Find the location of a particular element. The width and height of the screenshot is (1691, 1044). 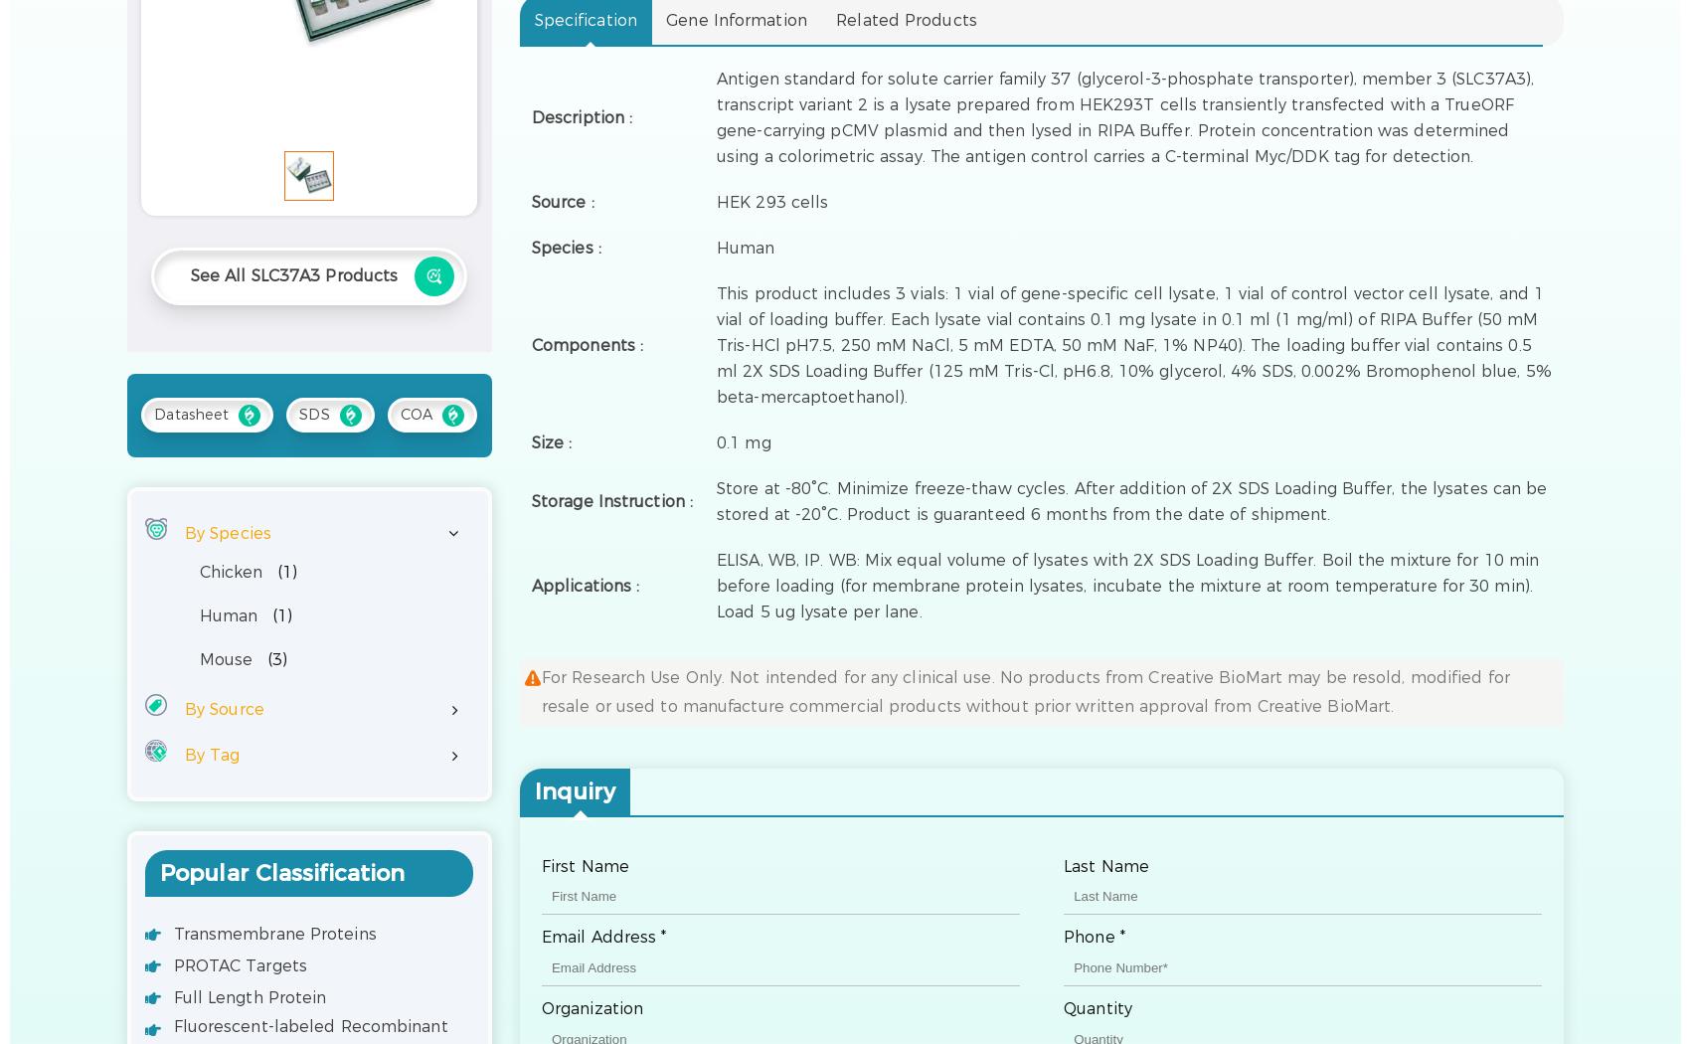

'Datasheet' is located at coordinates (190, 413).